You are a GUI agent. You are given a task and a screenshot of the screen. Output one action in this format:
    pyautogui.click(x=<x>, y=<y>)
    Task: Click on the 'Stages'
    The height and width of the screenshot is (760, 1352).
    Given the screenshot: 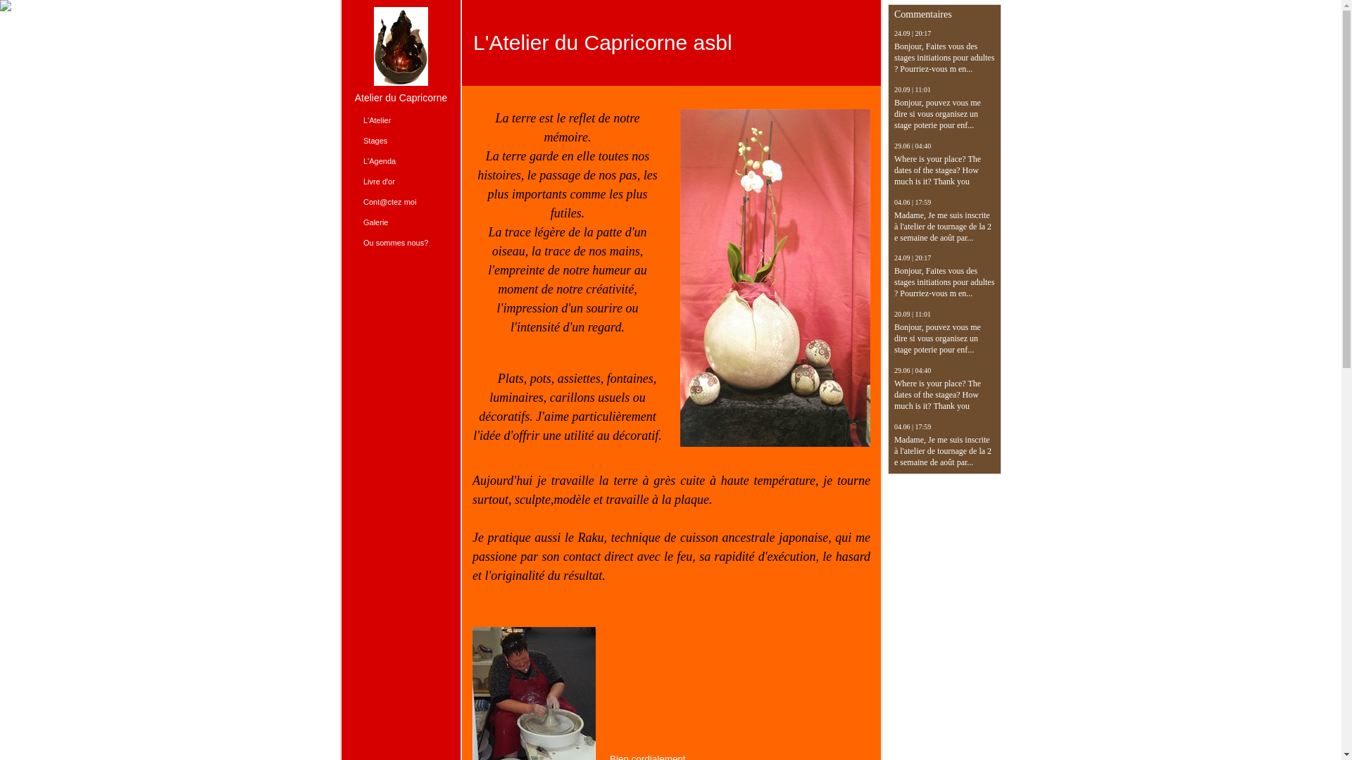 What is the action you would take?
    pyautogui.click(x=346, y=141)
    